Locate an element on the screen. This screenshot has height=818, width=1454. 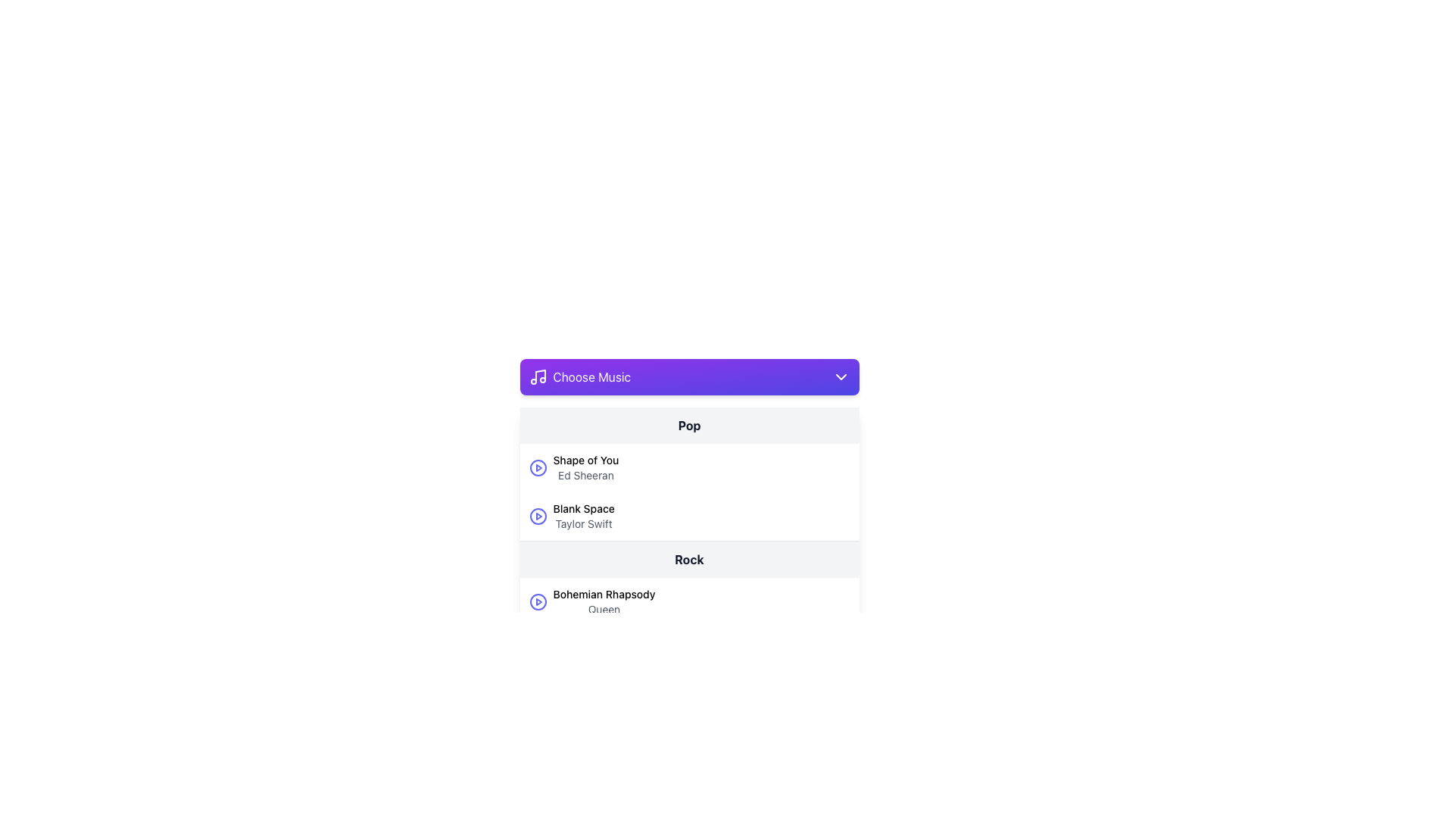
the second list item for the track 'Blank Space' by Taylor Swift in the 'Pop' section is located at coordinates (688, 516).